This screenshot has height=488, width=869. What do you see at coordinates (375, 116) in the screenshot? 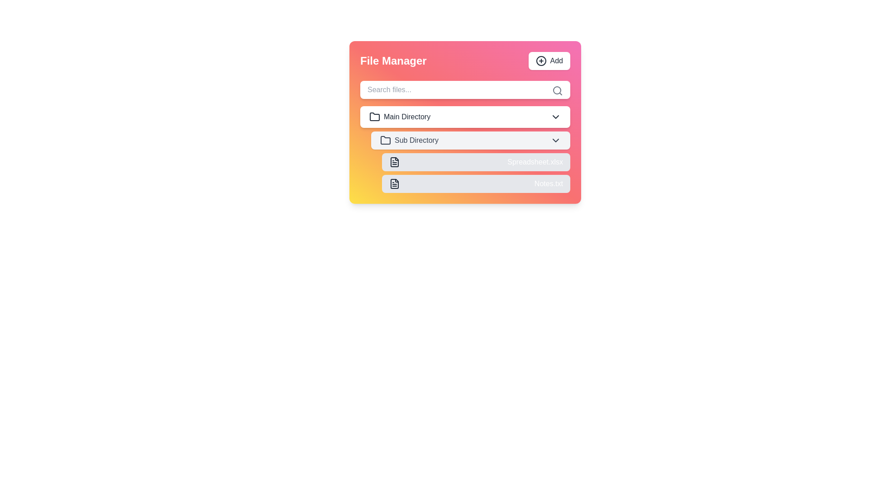
I see `the Folder icon, which represents the 'Main Directory' label and is positioned to the far left of the associated text` at bounding box center [375, 116].